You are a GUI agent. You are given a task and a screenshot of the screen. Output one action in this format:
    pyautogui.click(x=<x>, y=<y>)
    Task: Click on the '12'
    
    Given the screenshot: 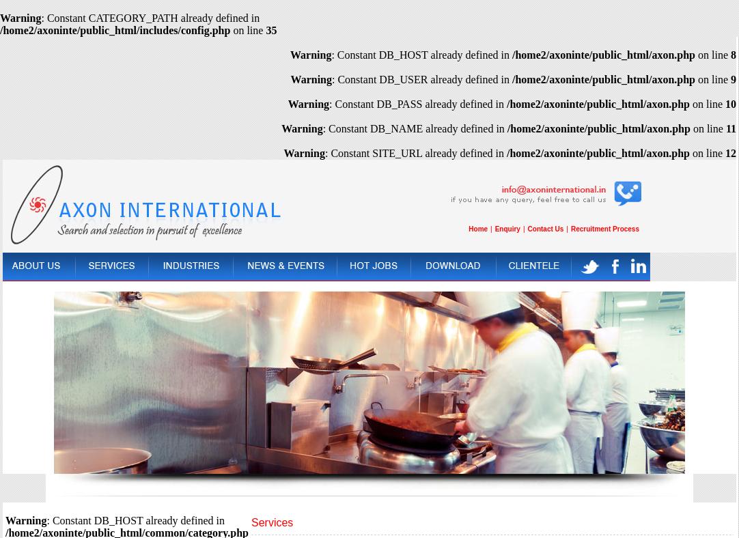 What is the action you would take?
    pyautogui.click(x=729, y=152)
    